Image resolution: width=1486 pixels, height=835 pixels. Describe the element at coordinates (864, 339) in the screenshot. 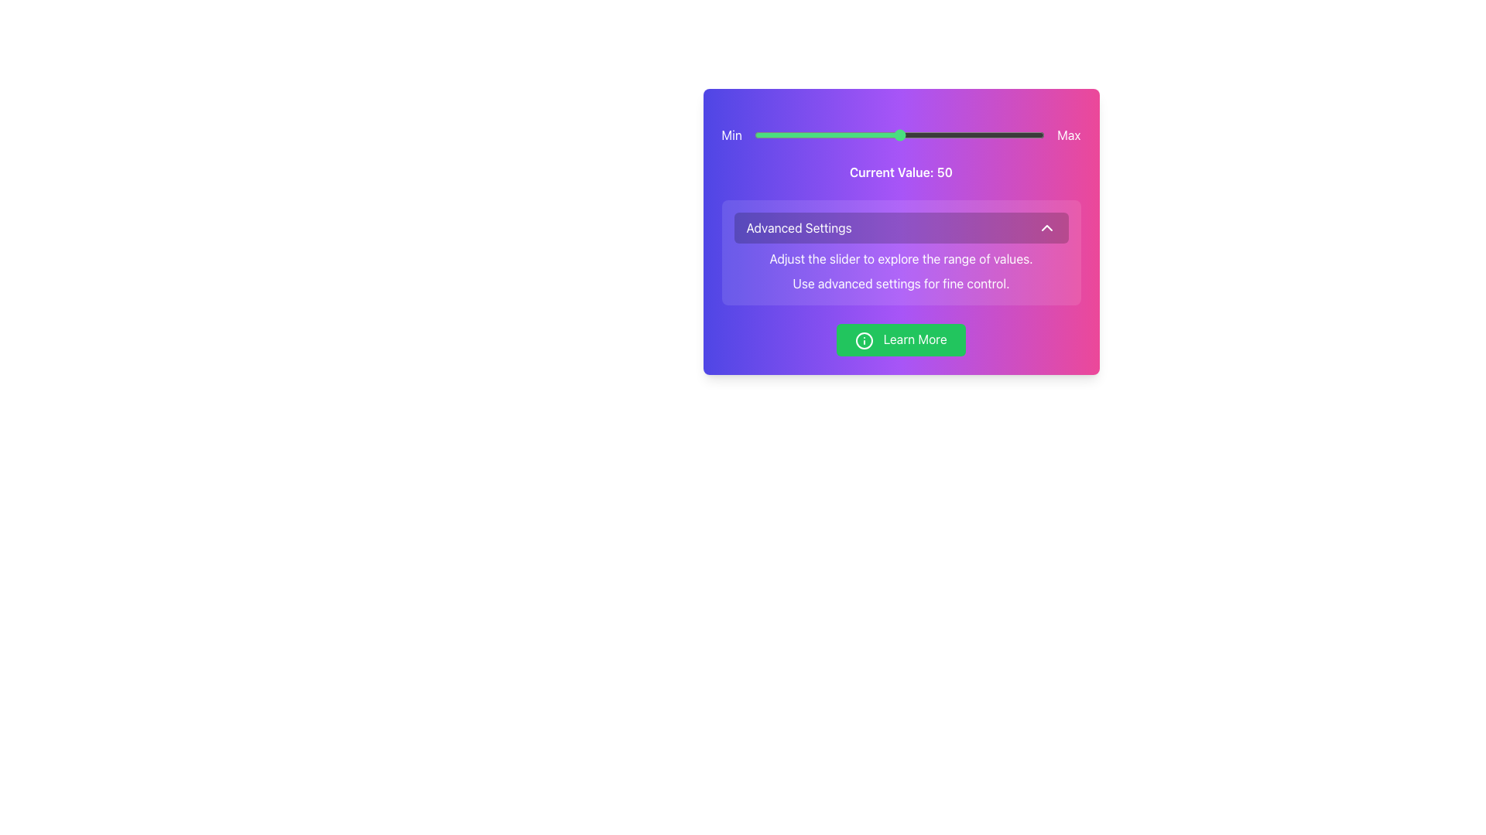

I see `the 'Learn More' button which contains a green circular icon with a white inner circle and thin green border, located at the center of the button` at that location.